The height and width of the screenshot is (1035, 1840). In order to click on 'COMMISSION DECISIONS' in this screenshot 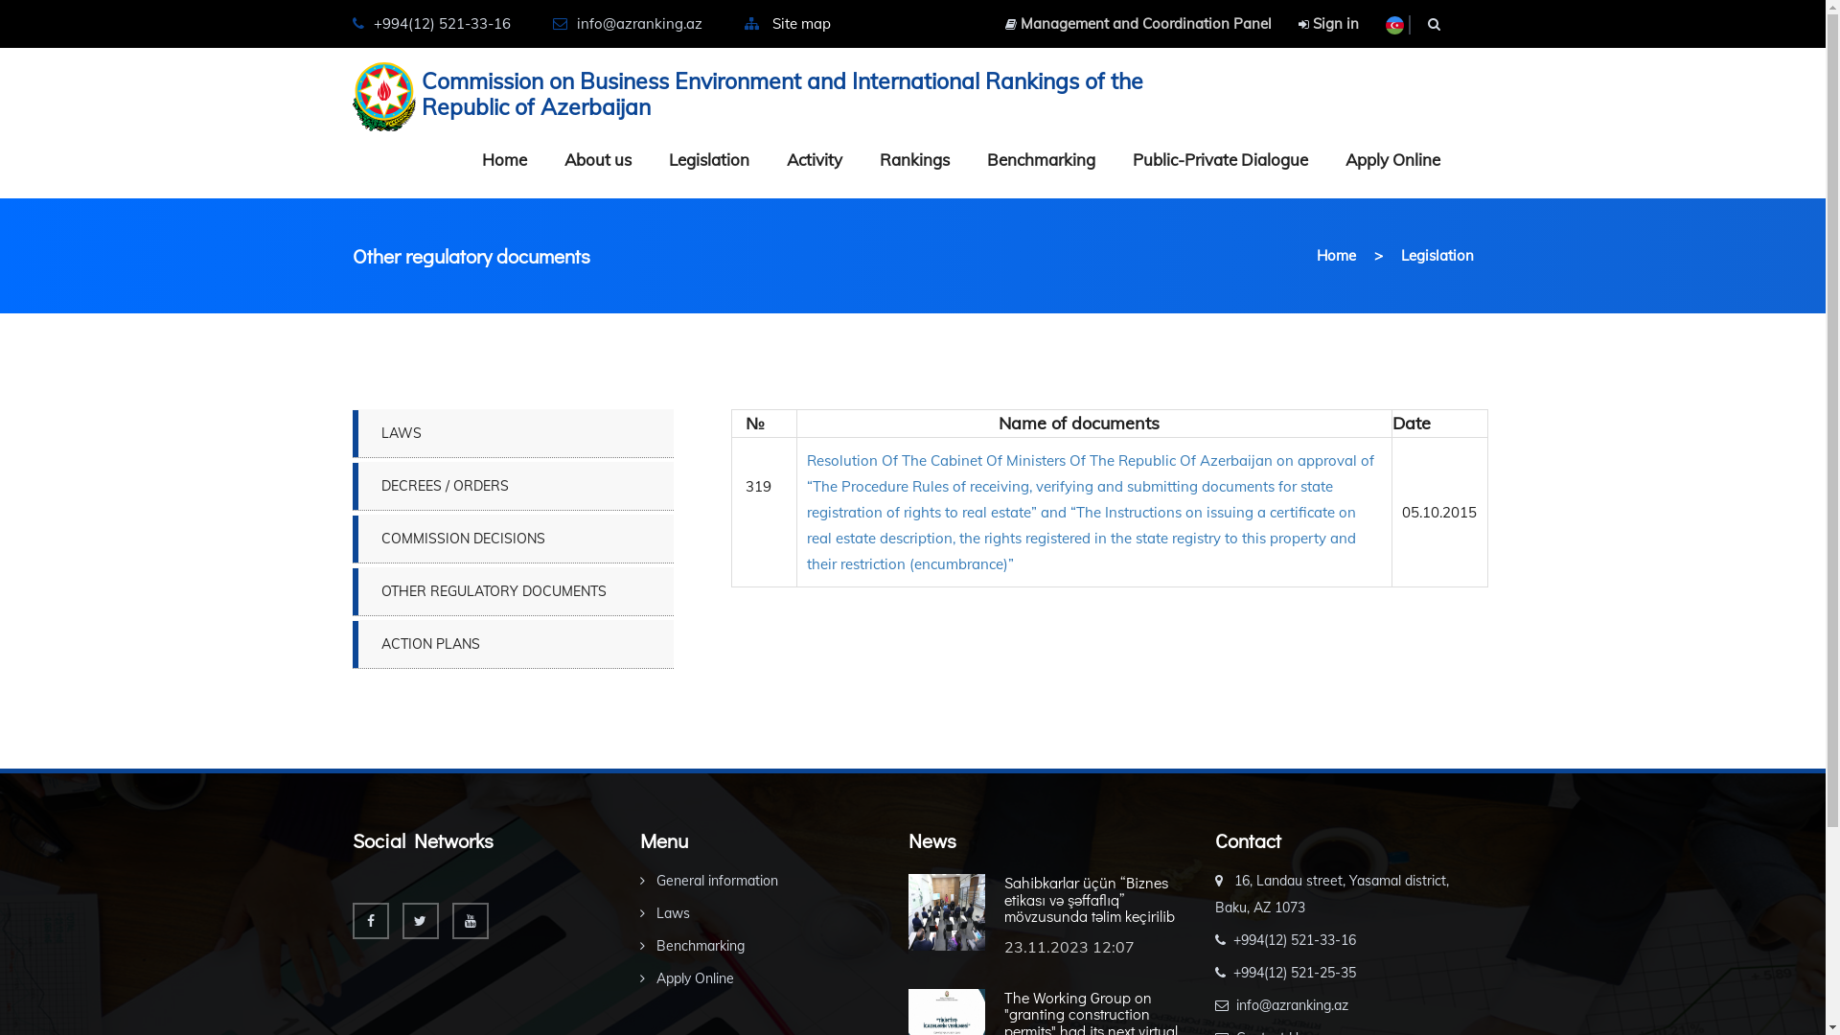, I will do `click(513, 539)`.